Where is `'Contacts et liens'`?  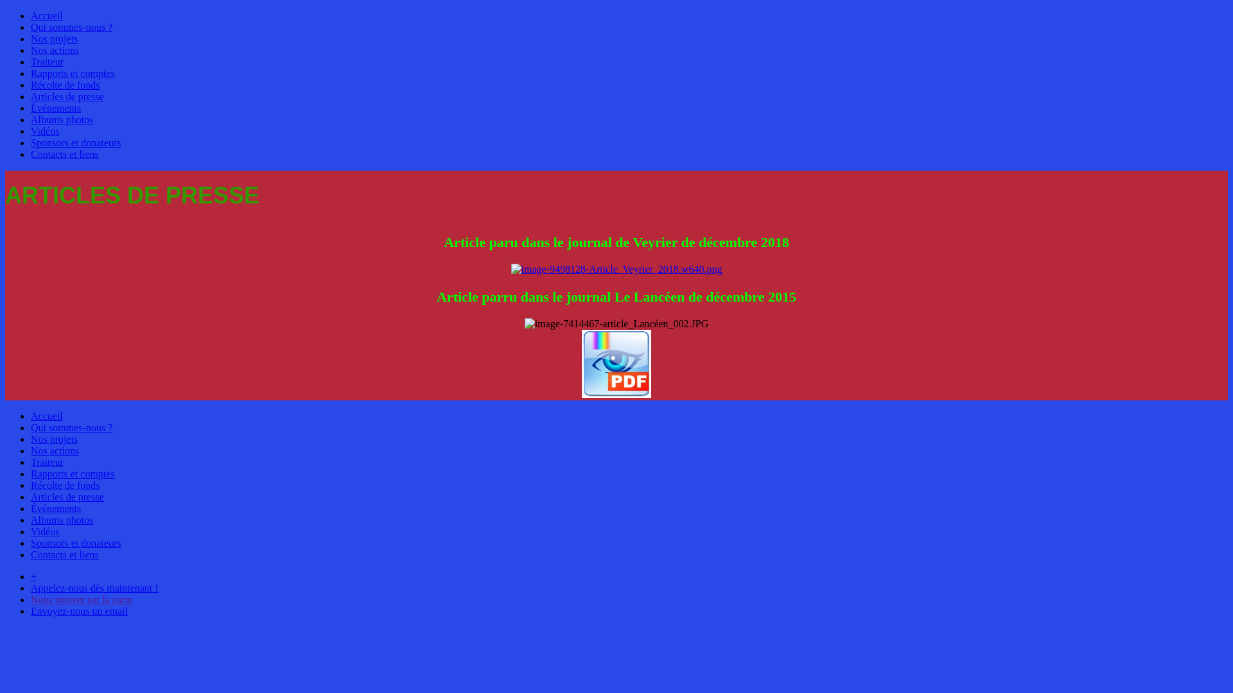
'Contacts et liens' is located at coordinates (64, 554).